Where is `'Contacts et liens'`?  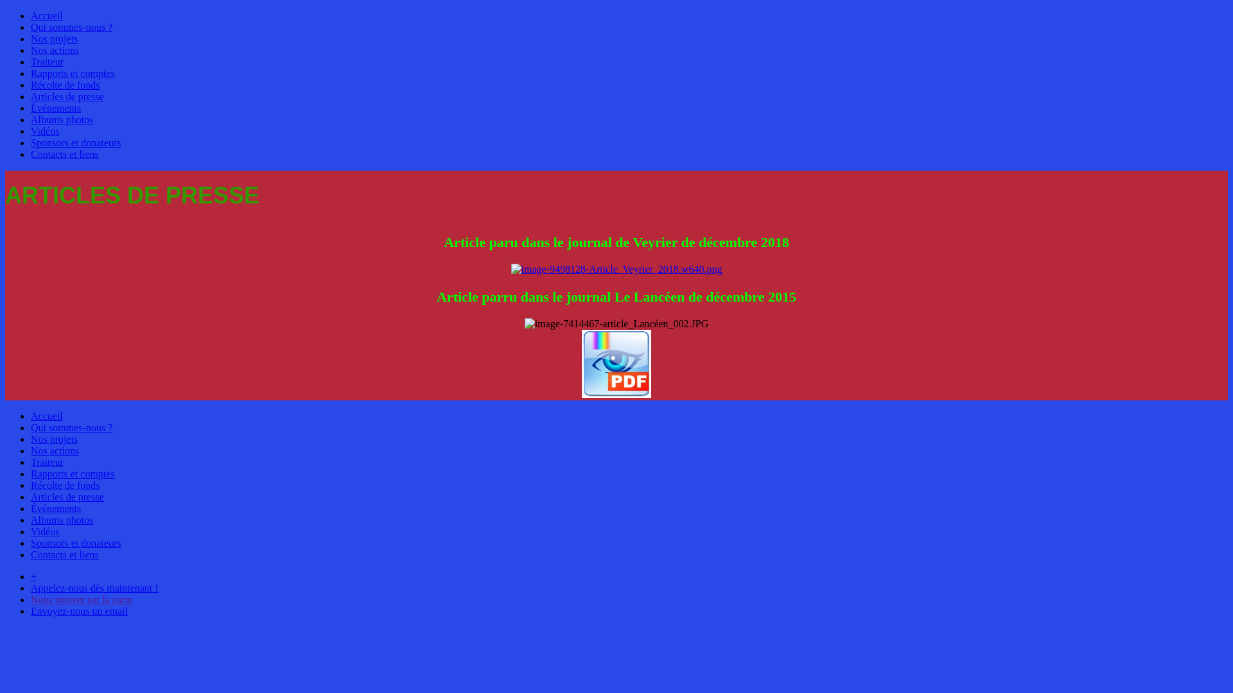
'Contacts et liens' is located at coordinates (64, 554).